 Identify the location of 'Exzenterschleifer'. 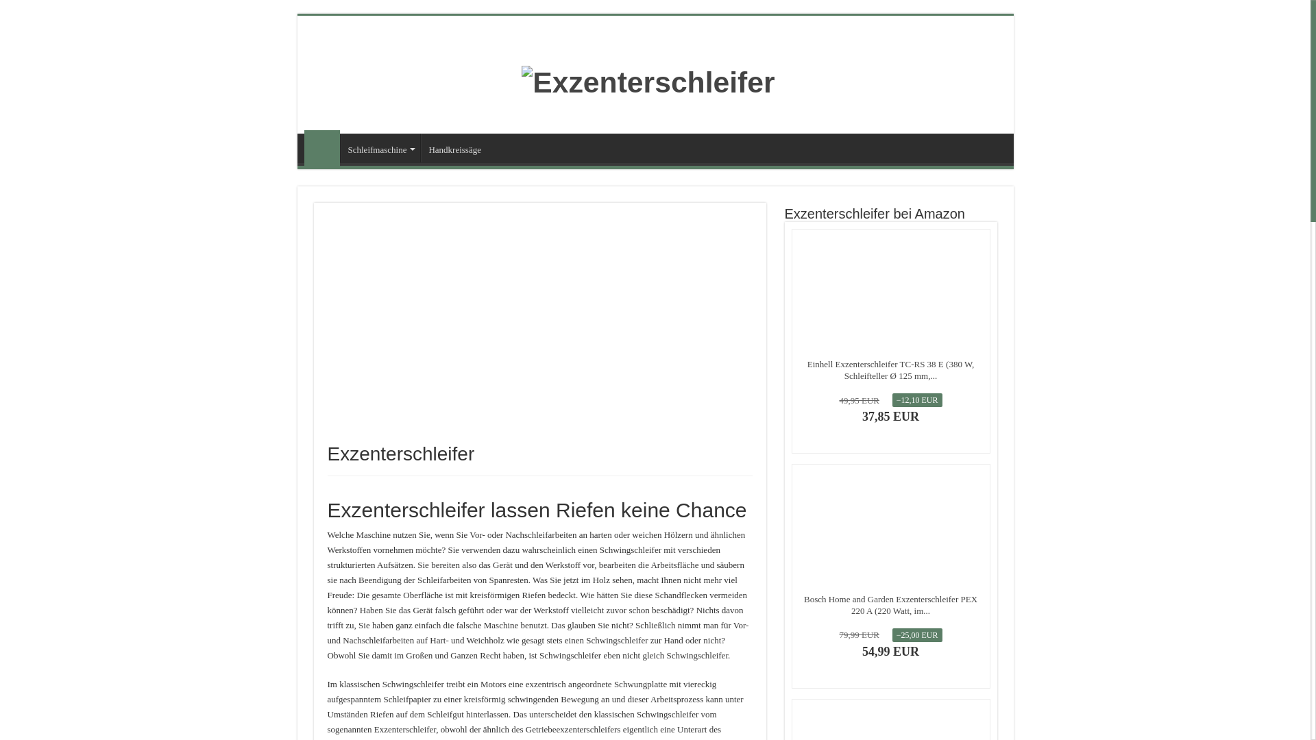
(321, 148).